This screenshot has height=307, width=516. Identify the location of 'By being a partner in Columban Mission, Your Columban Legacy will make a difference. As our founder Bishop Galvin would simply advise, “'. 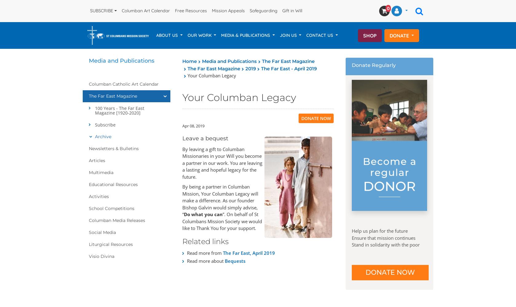
(220, 200).